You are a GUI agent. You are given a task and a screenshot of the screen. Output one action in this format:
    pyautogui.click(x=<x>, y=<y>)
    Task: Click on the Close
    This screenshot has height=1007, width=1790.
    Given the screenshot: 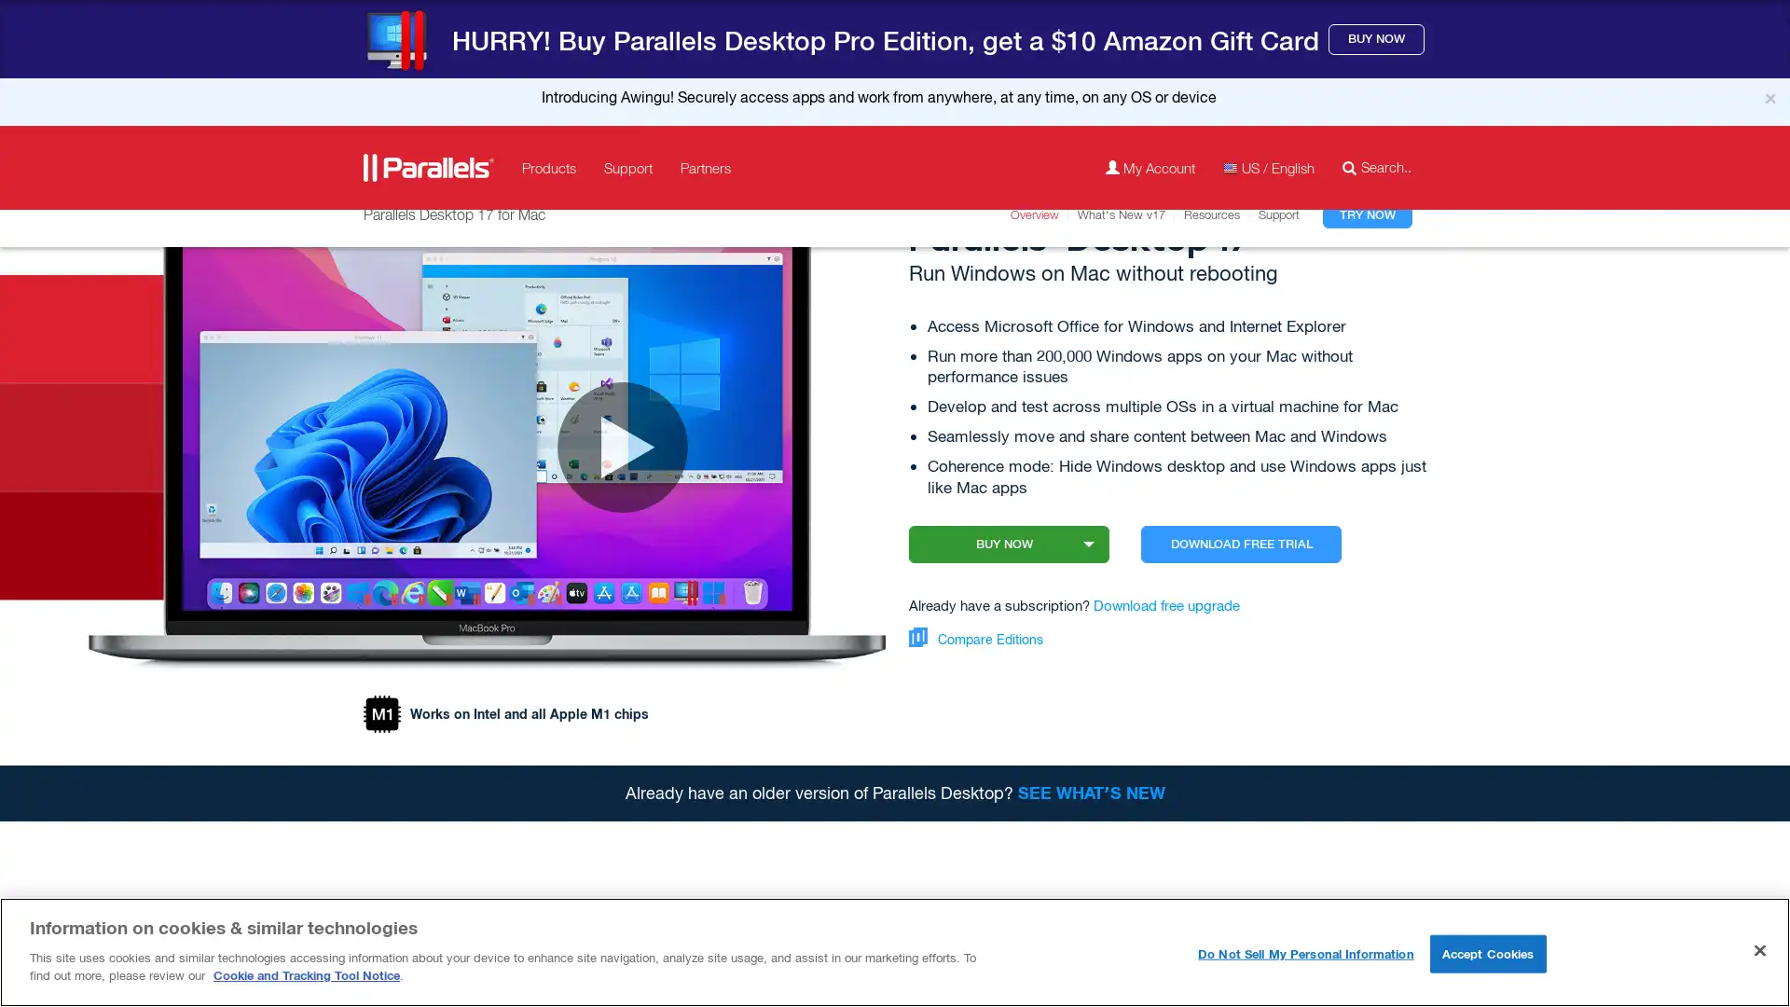 What is the action you would take?
    pyautogui.click(x=1769, y=180)
    